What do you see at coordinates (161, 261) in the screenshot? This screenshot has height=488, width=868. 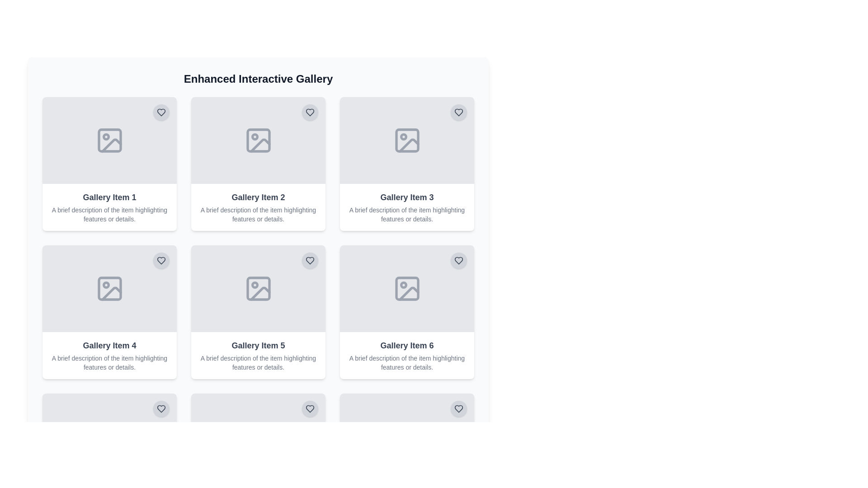 I see `the heart icon located in the top-right corner of the tile labeled 'Gallery Item 4' to mark the item as a favorite` at bounding box center [161, 261].